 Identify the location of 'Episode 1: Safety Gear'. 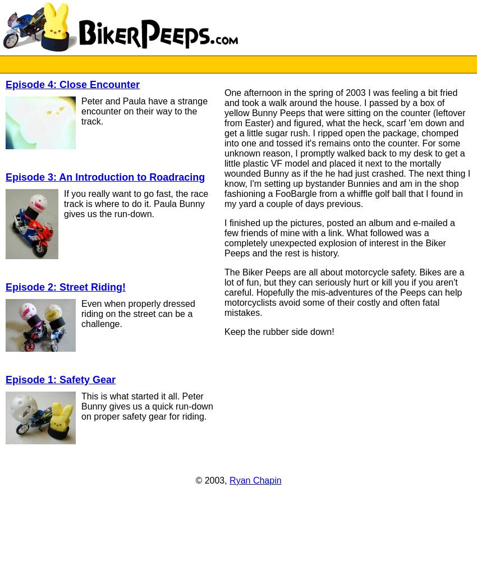
(60, 380).